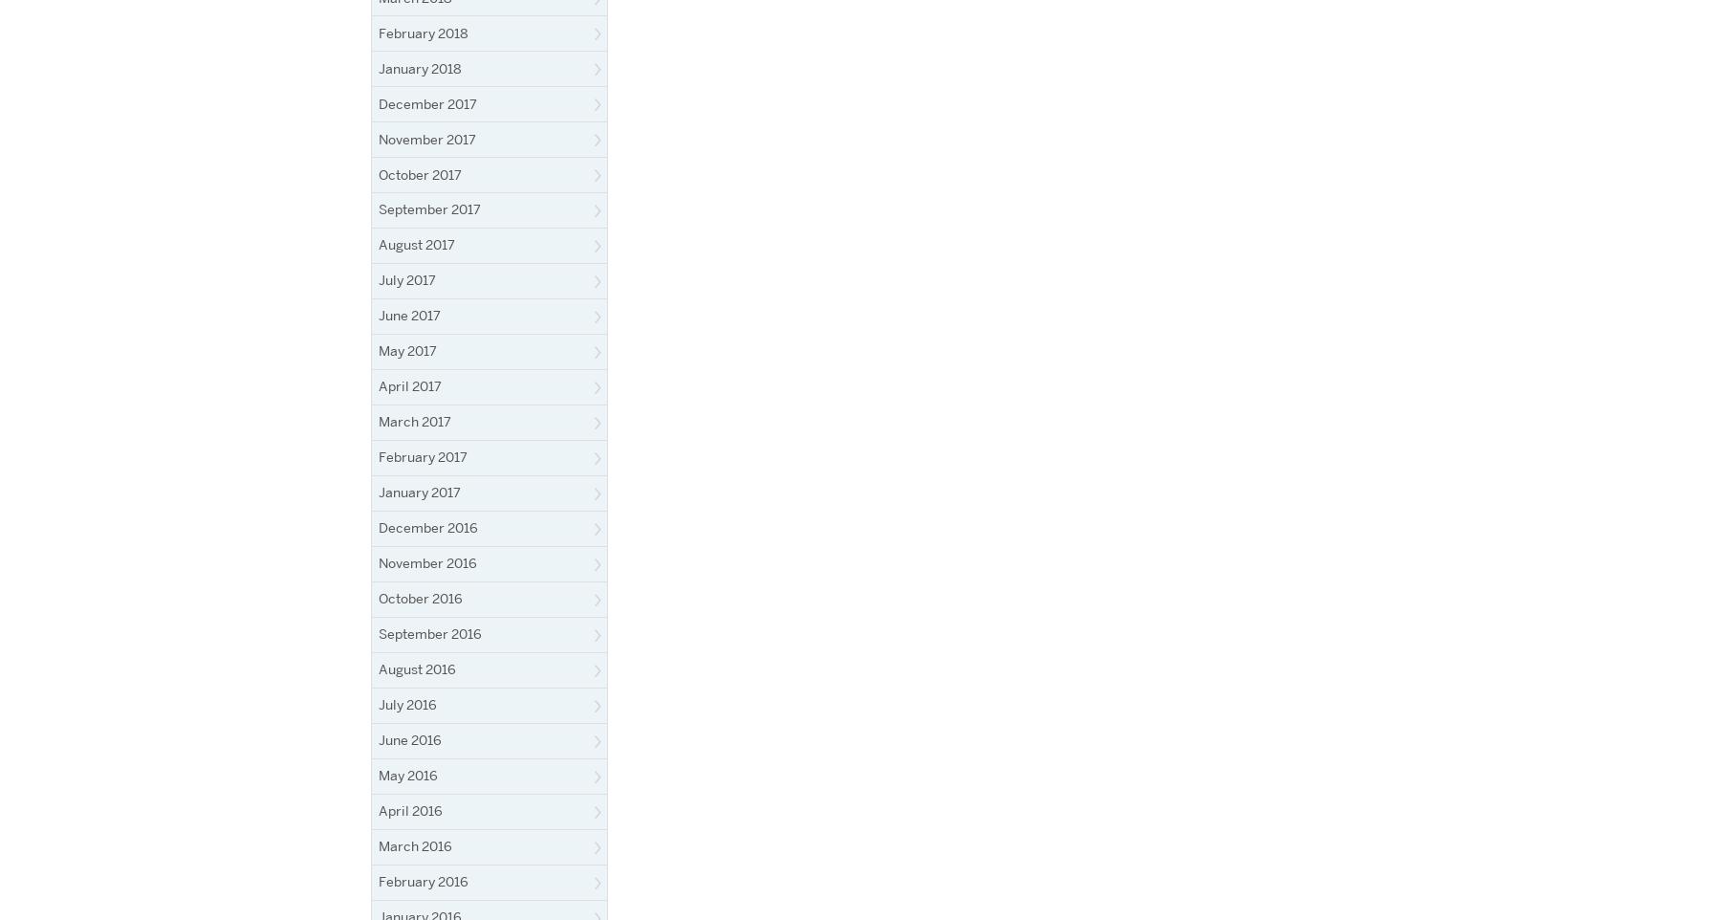  I want to click on 'February 2018', so click(423, 31).